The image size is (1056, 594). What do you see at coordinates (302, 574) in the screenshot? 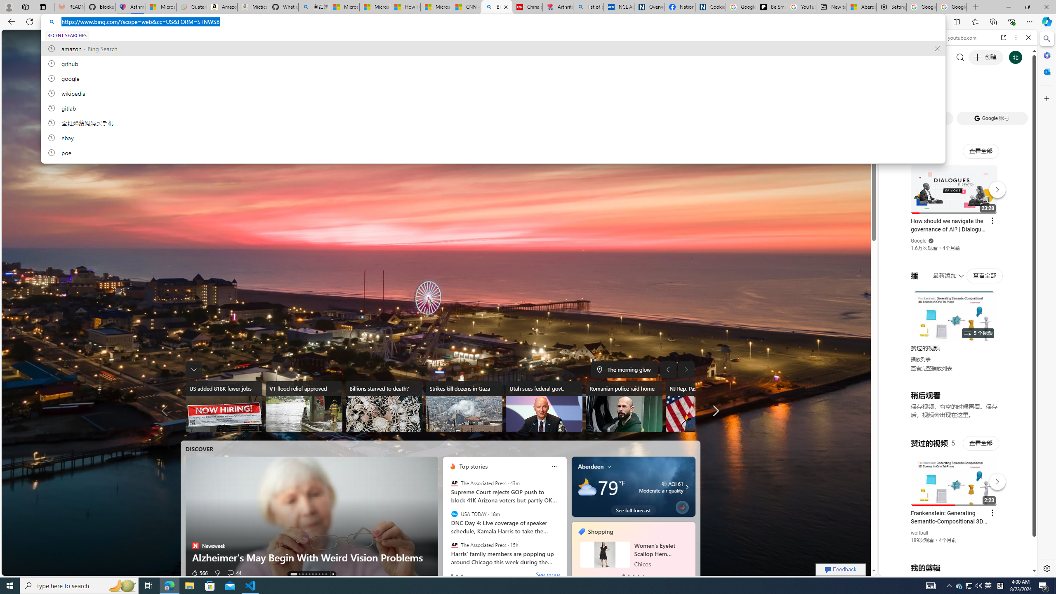
I see `'AutomationID: tab-2'` at bounding box center [302, 574].